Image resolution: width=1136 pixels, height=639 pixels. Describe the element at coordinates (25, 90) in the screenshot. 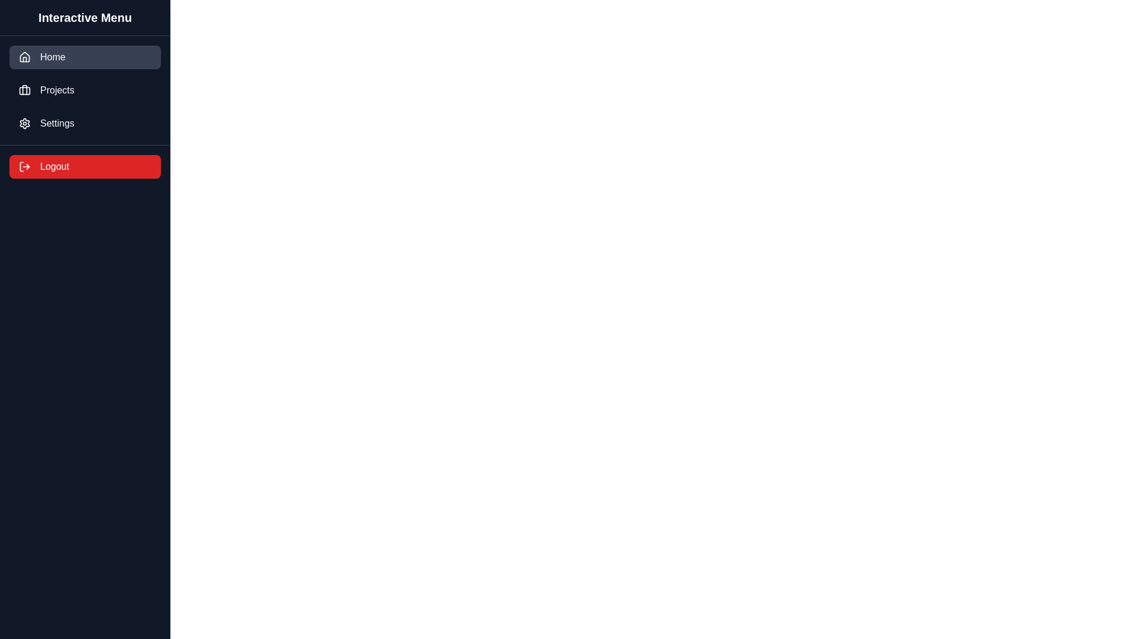

I see `the briefcase icon representing the 'Projects' menu option in the sidebar` at that location.